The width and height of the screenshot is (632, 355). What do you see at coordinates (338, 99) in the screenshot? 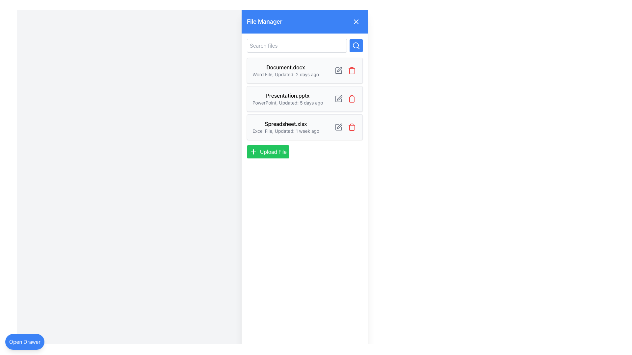
I see `the pencil-shaped edit icon located to the right of the 'Presentation.pptx' label in the file manager interface` at bounding box center [338, 99].